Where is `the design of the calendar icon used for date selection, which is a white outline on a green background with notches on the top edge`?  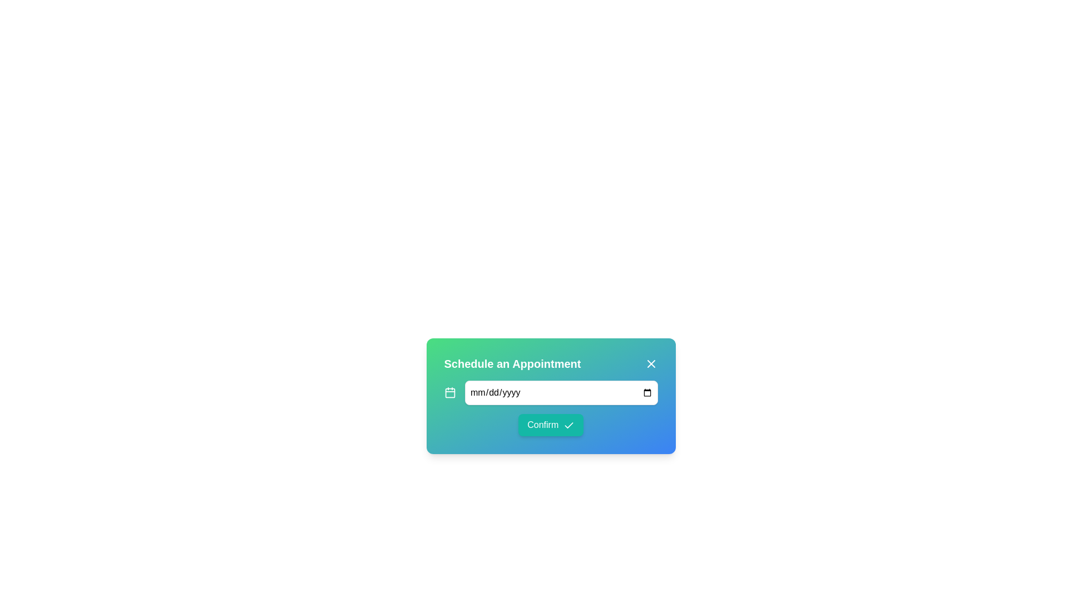
the design of the calendar icon used for date selection, which is a white outline on a green background with notches on the top edge is located at coordinates (450, 392).